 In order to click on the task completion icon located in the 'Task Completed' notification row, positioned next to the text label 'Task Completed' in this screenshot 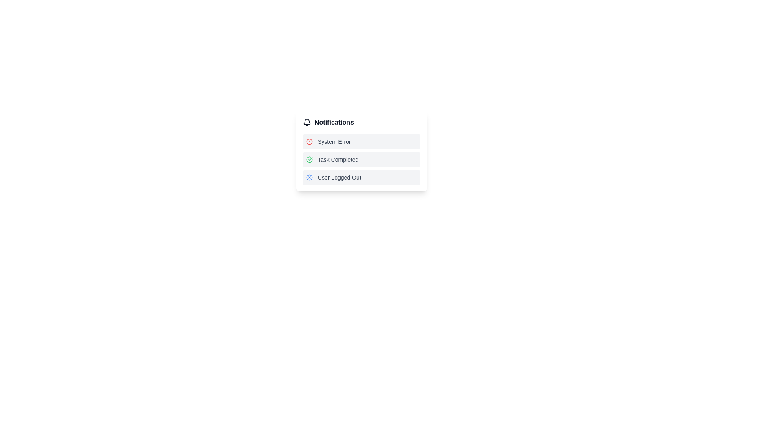, I will do `click(309, 160)`.